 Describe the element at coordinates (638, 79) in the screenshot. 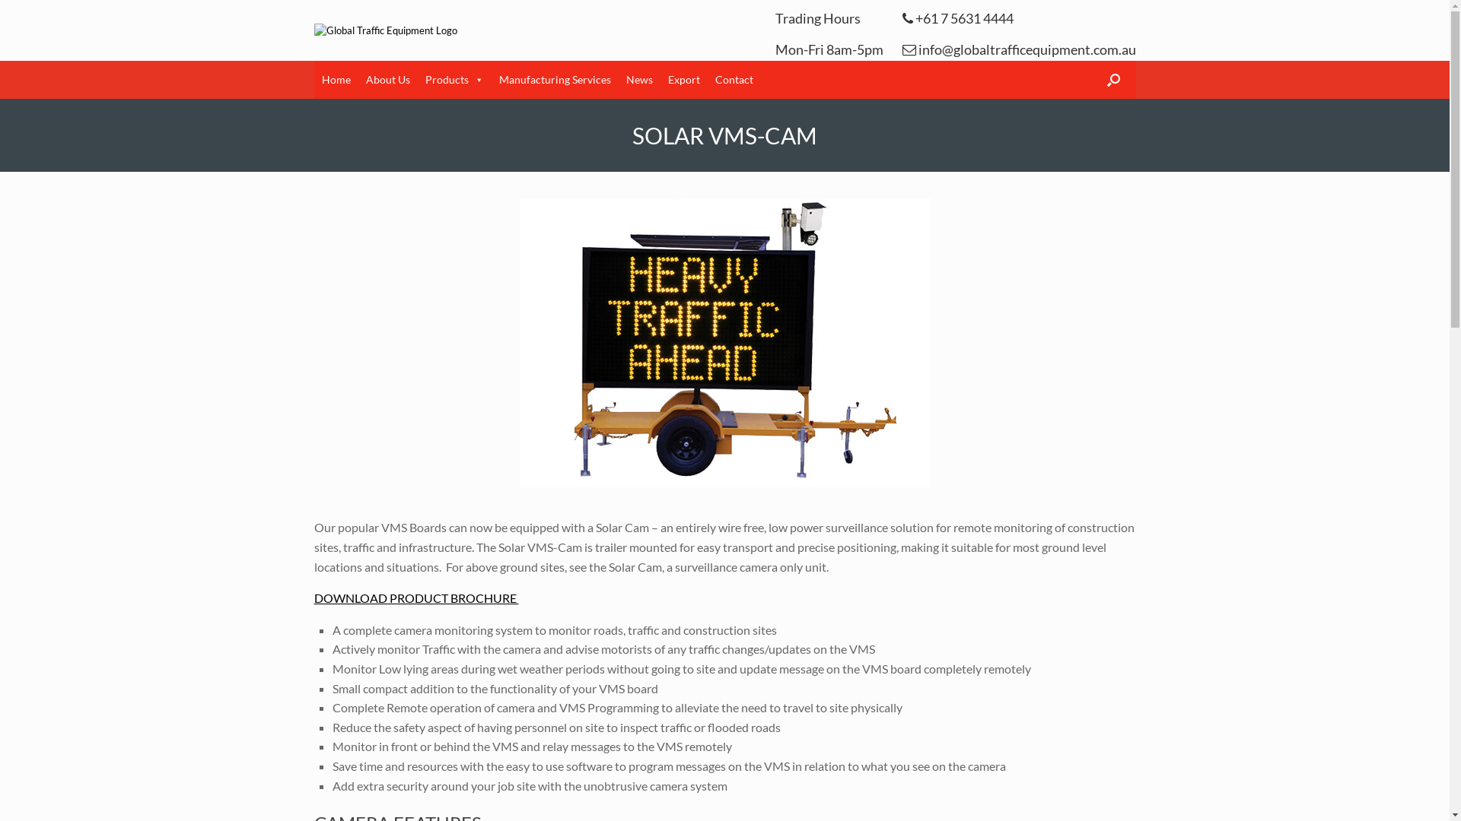

I see `'News'` at that location.